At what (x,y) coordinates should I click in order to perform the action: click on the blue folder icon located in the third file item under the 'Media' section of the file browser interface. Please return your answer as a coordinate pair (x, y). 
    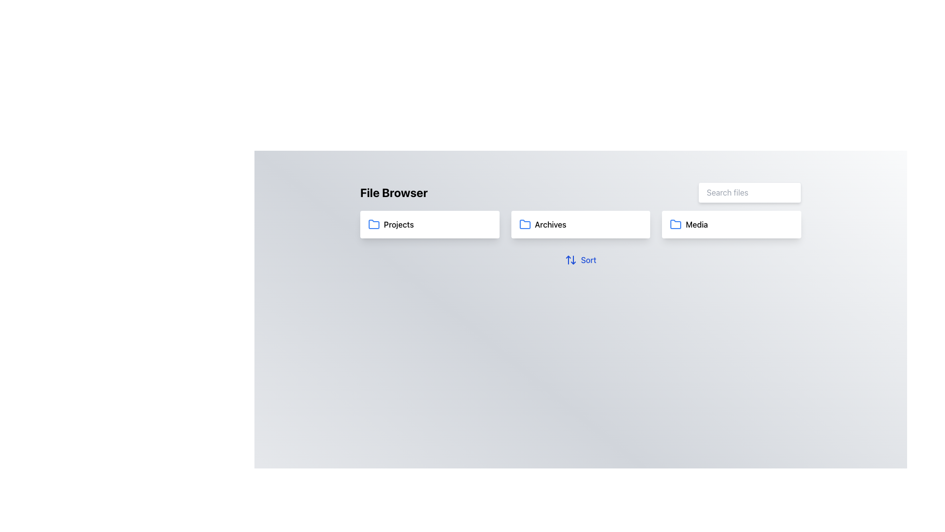
    Looking at the image, I should click on (675, 224).